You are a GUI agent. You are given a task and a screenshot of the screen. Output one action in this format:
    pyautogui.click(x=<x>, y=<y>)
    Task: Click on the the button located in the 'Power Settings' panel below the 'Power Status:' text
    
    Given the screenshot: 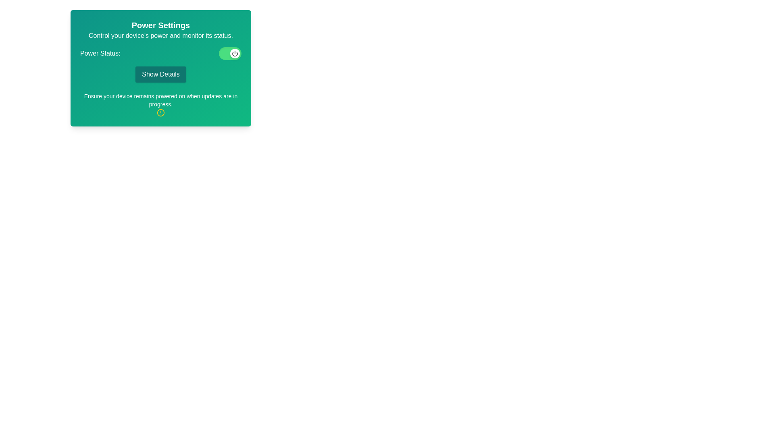 What is the action you would take?
    pyautogui.click(x=160, y=75)
    